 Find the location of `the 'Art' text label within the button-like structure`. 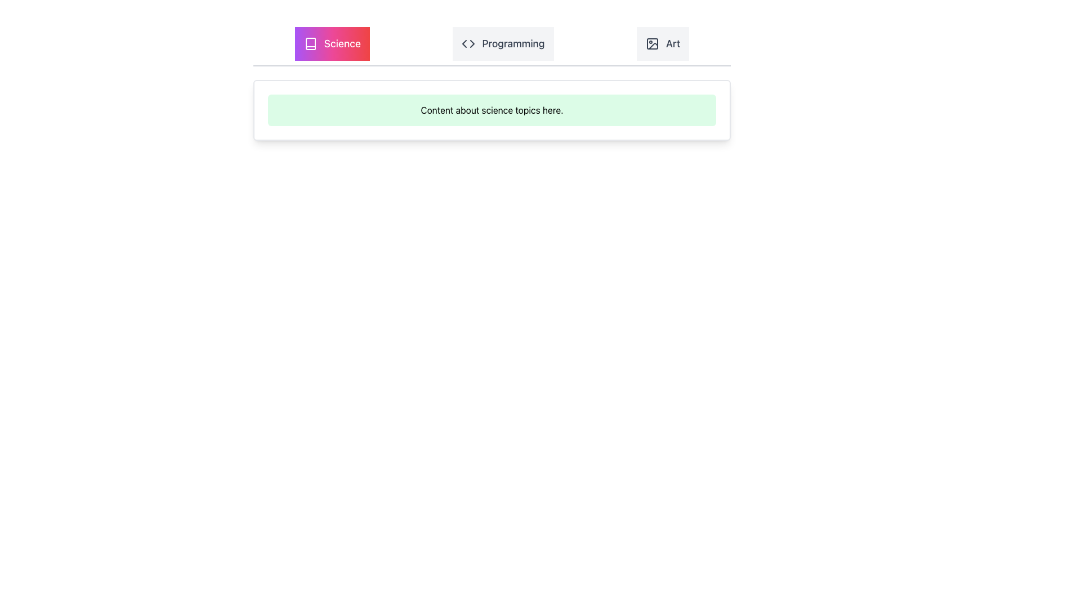

the 'Art' text label within the button-like structure is located at coordinates (673, 43).